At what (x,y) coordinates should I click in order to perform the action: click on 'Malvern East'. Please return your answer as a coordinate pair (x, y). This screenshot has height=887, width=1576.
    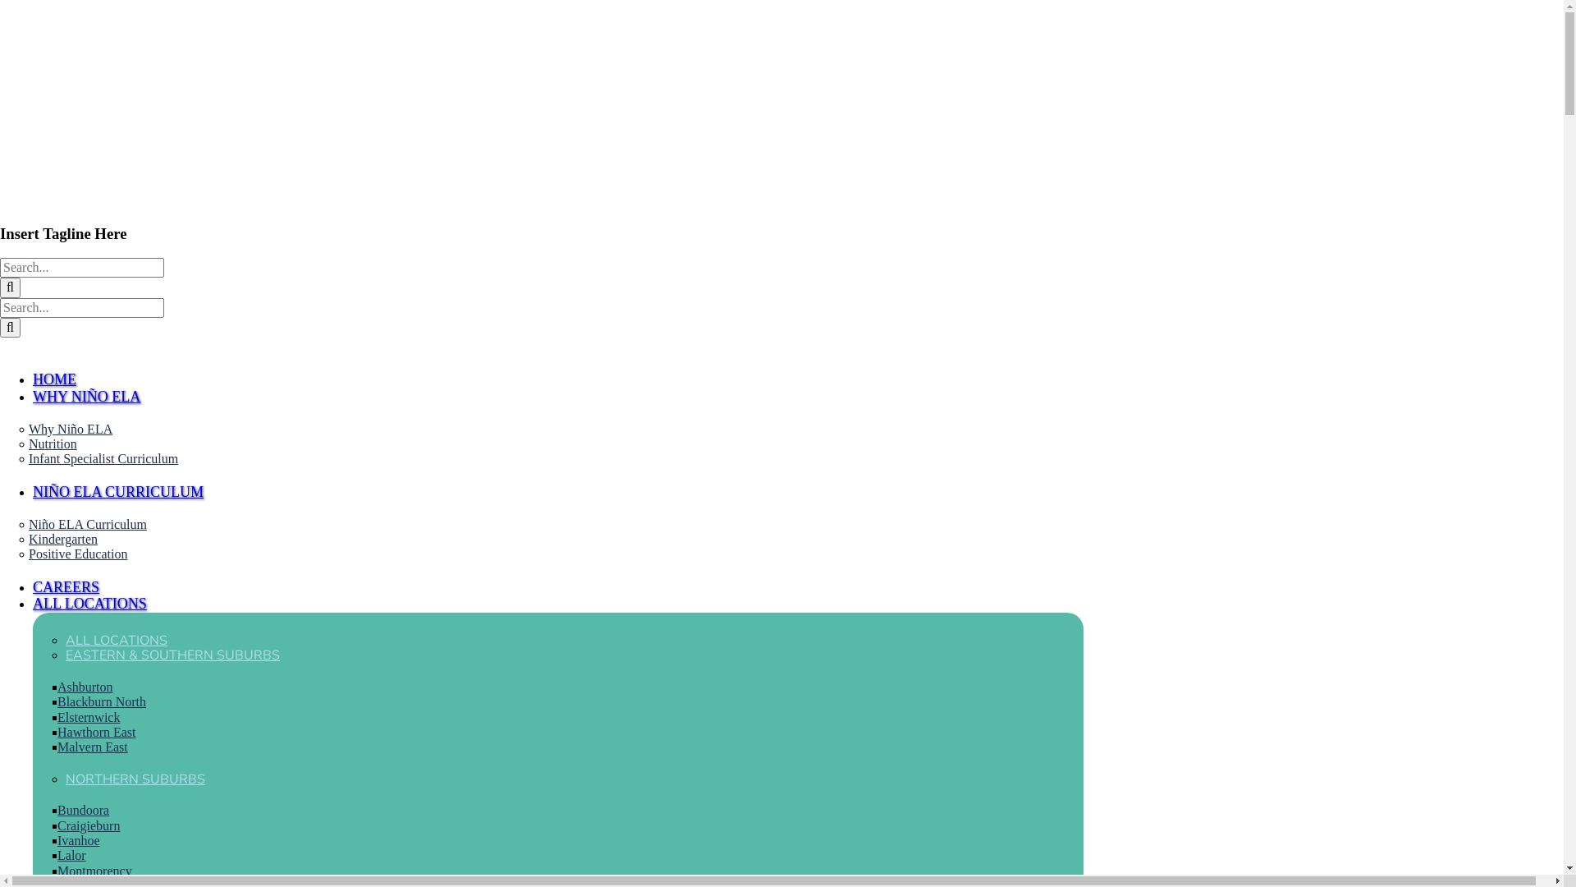
    Looking at the image, I should click on (96, 747).